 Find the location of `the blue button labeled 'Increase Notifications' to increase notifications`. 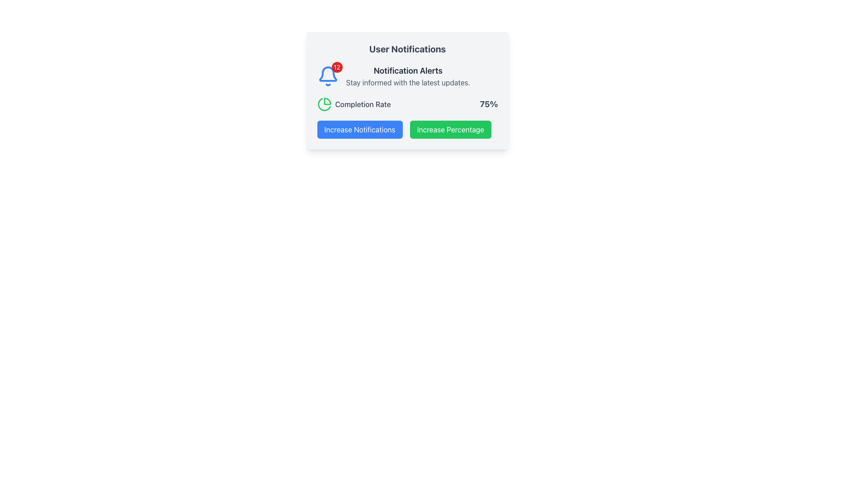

the blue button labeled 'Increase Notifications' to increase notifications is located at coordinates (359, 129).